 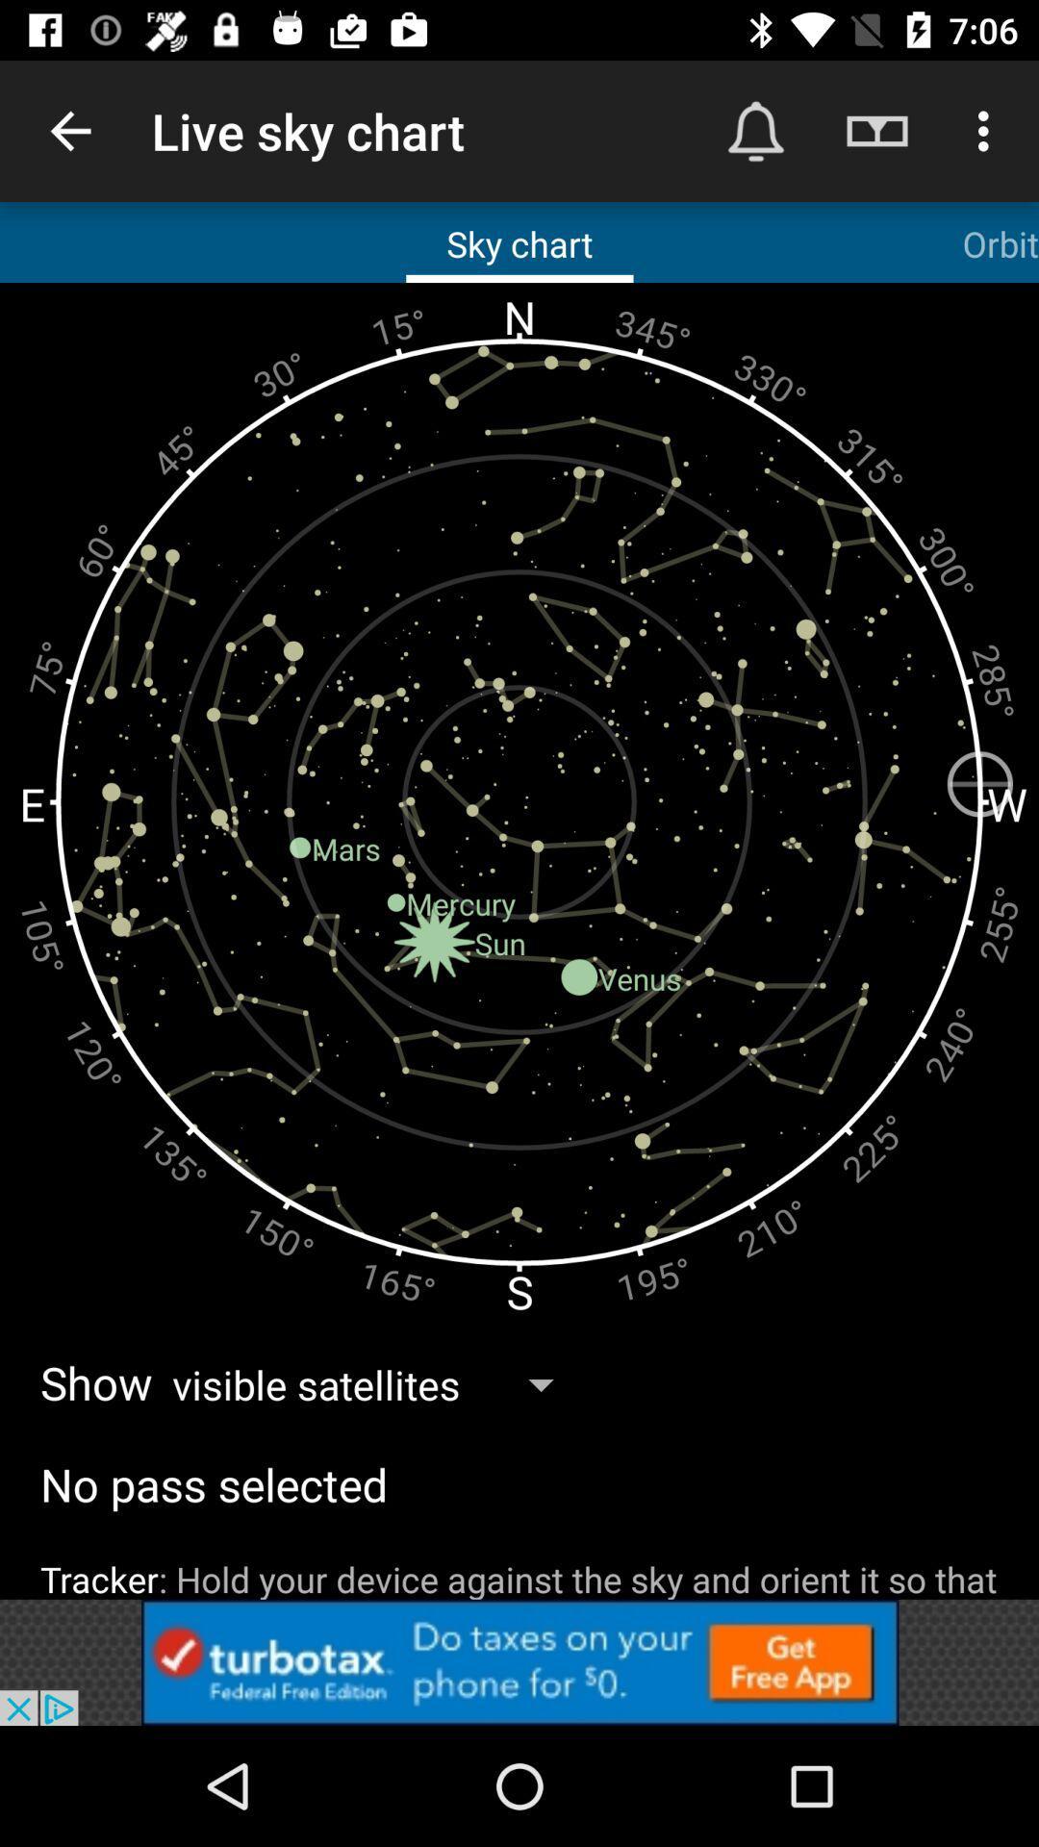 I want to click on click advertisement, so click(x=519, y=1661).